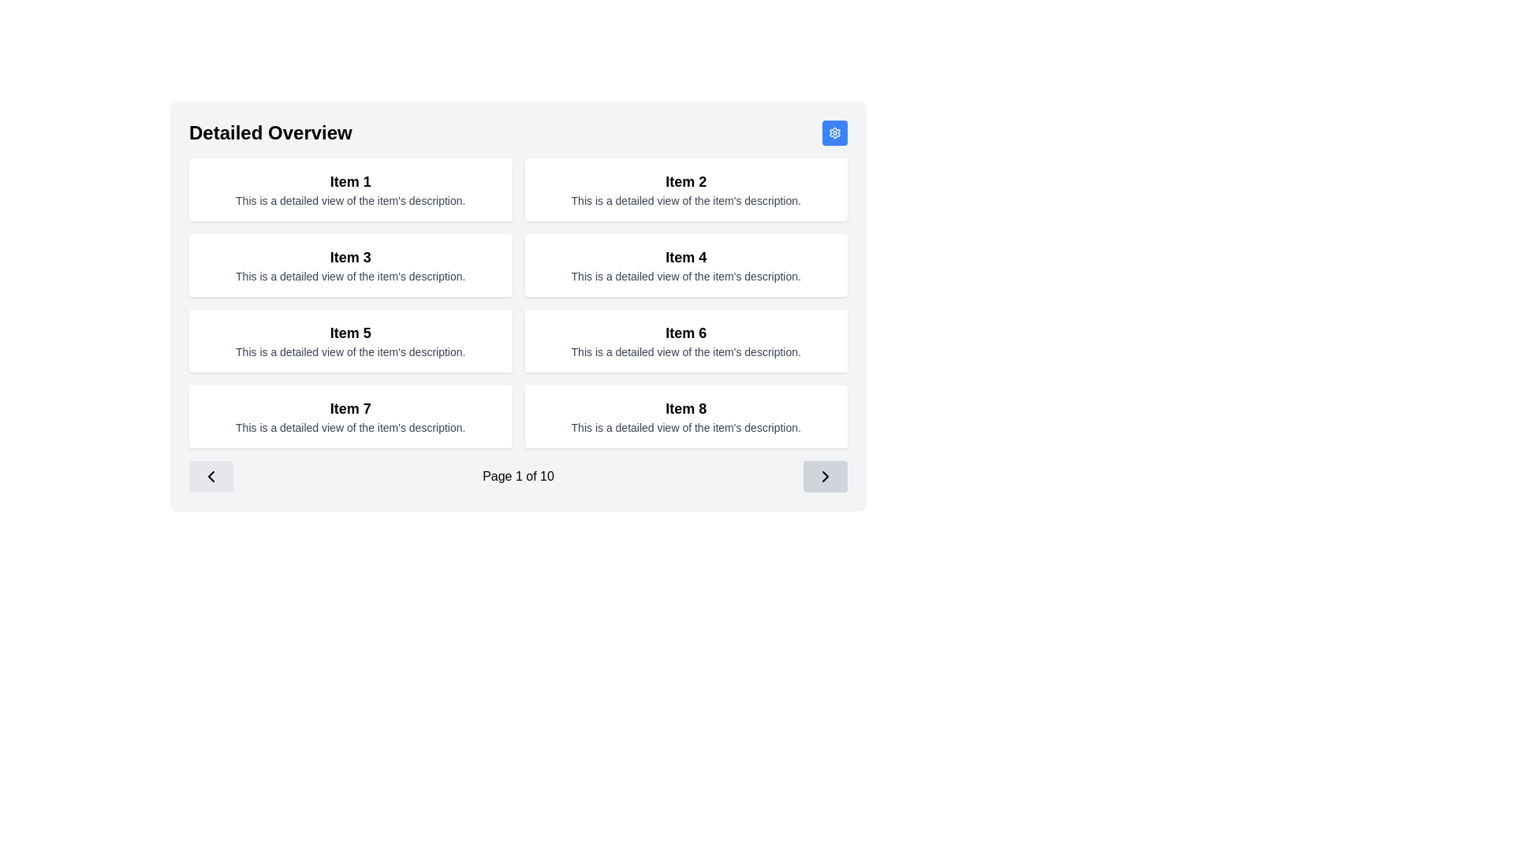 The width and height of the screenshot is (1514, 851). Describe the element at coordinates (349, 340) in the screenshot. I see `the Card displaying a specific item's title and description located in the first column of the third row of the grid interface` at that location.